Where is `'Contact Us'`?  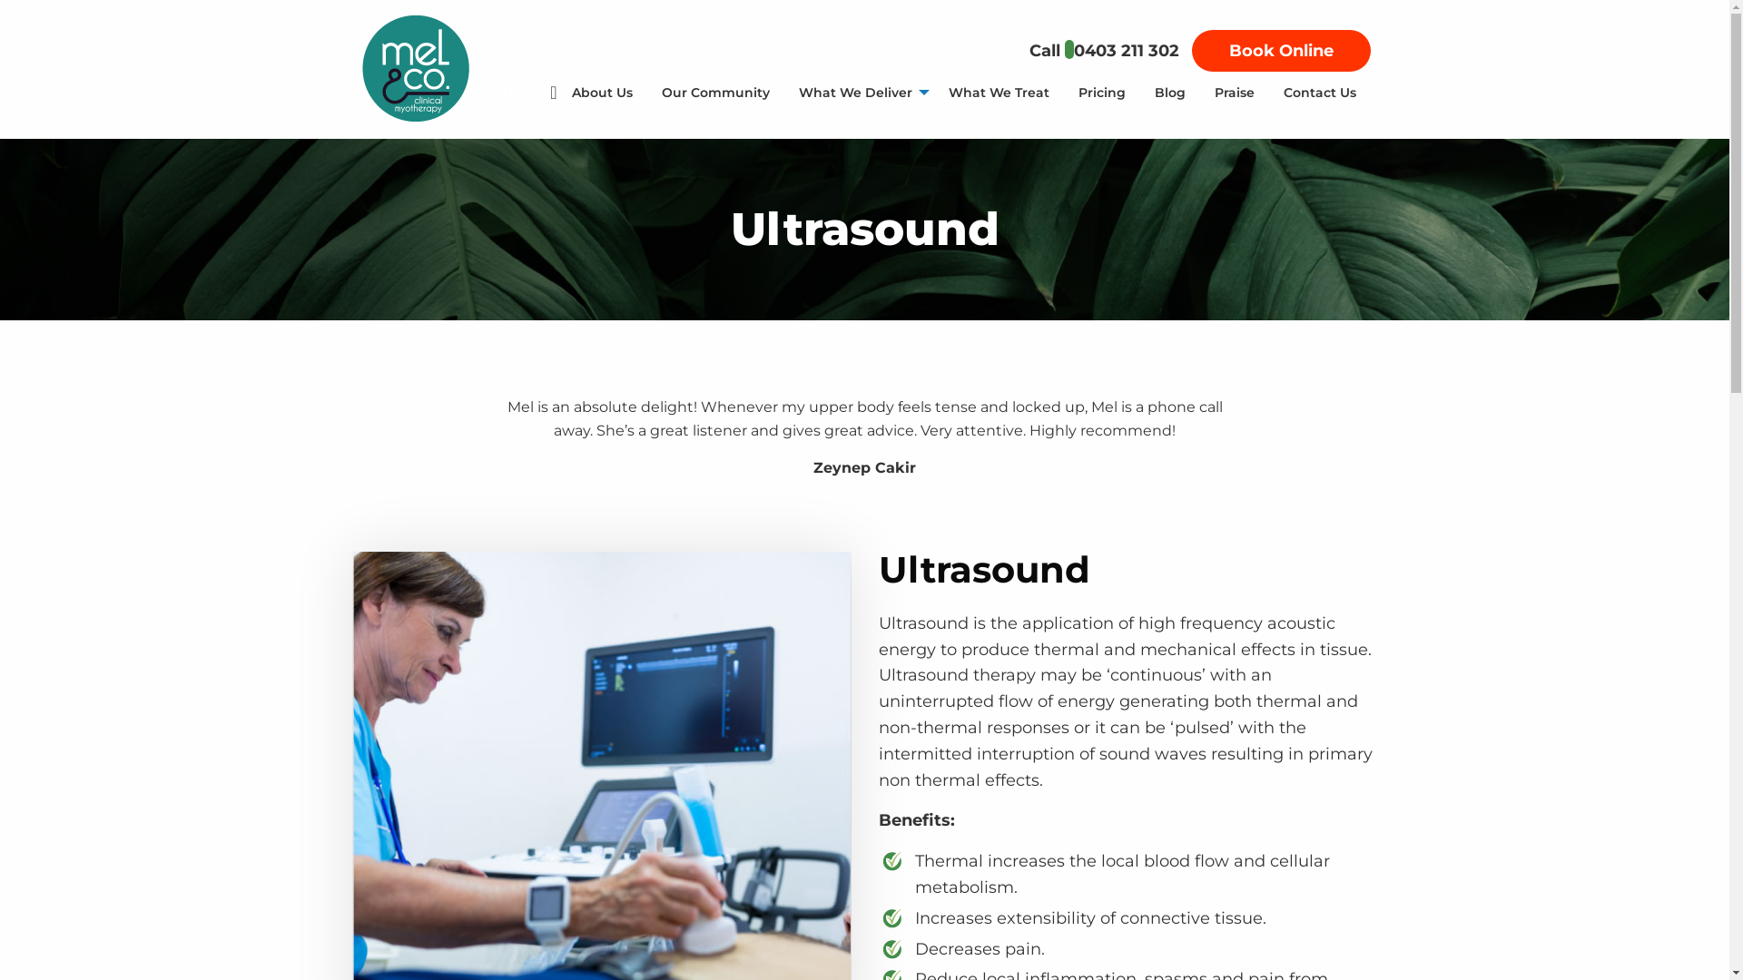 'Contact Us' is located at coordinates (1320, 92).